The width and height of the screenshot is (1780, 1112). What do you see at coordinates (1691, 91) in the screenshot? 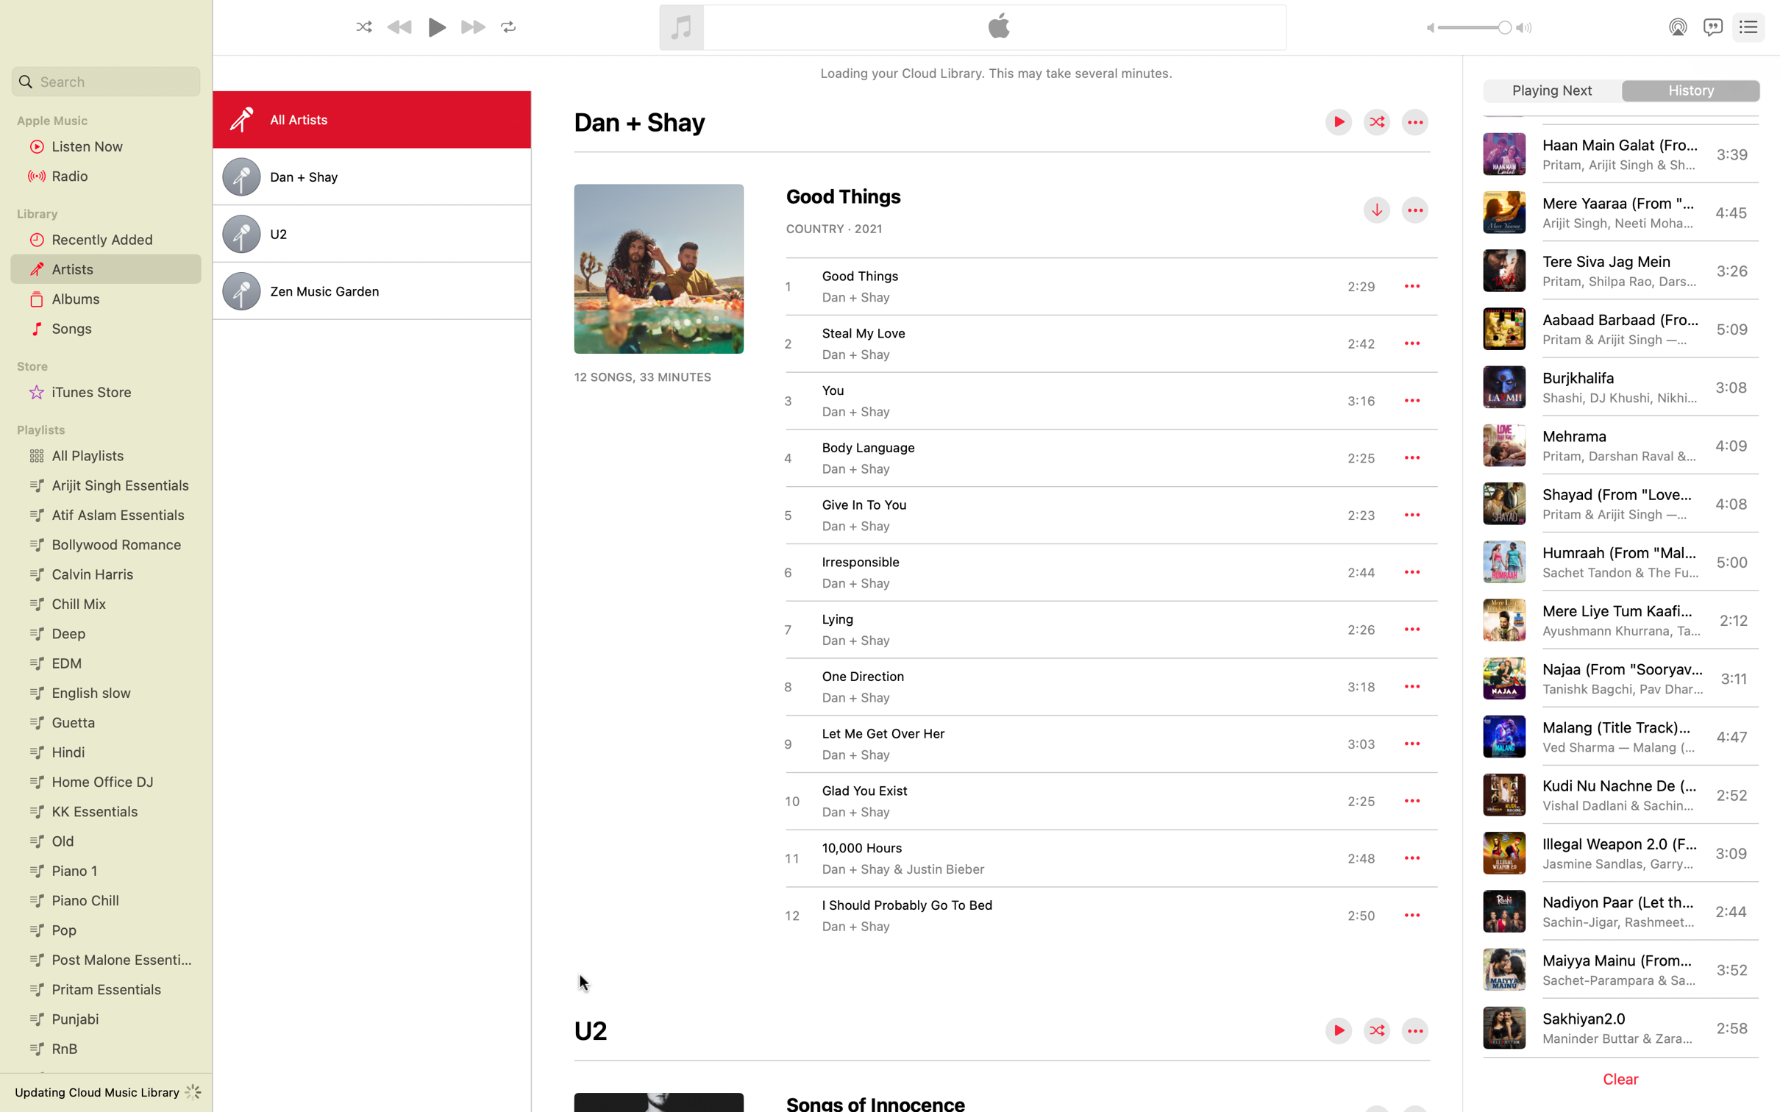
I see `Retrieve the log of previously played songs` at bounding box center [1691, 91].